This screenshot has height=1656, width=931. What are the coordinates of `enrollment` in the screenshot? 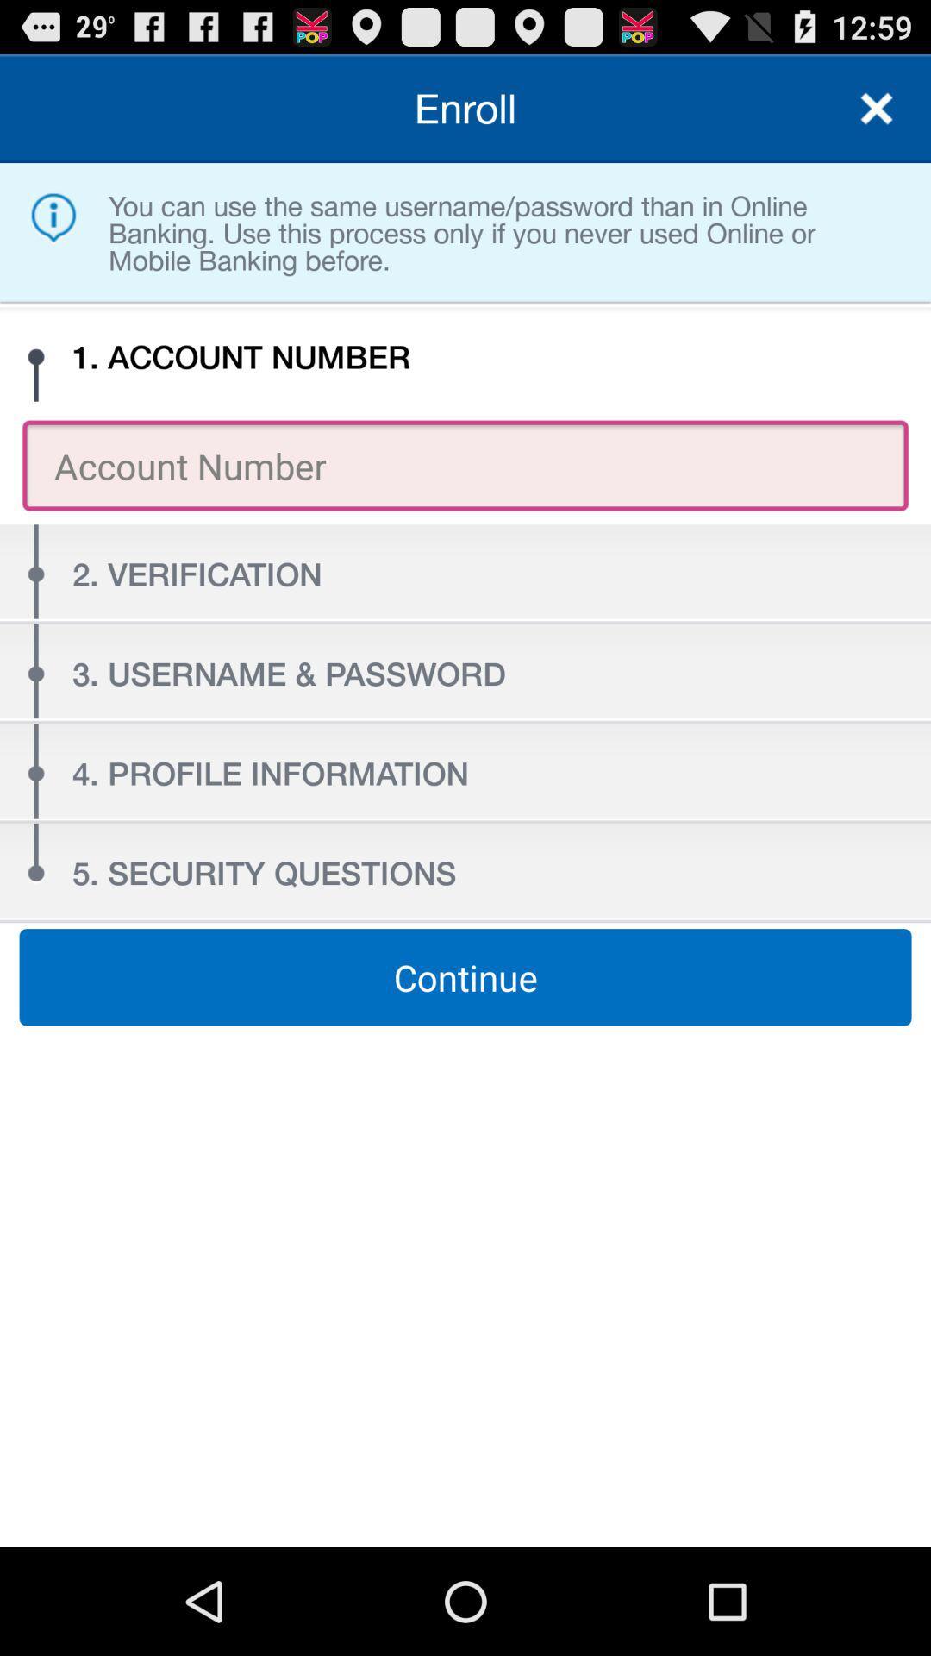 It's located at (877, 107).